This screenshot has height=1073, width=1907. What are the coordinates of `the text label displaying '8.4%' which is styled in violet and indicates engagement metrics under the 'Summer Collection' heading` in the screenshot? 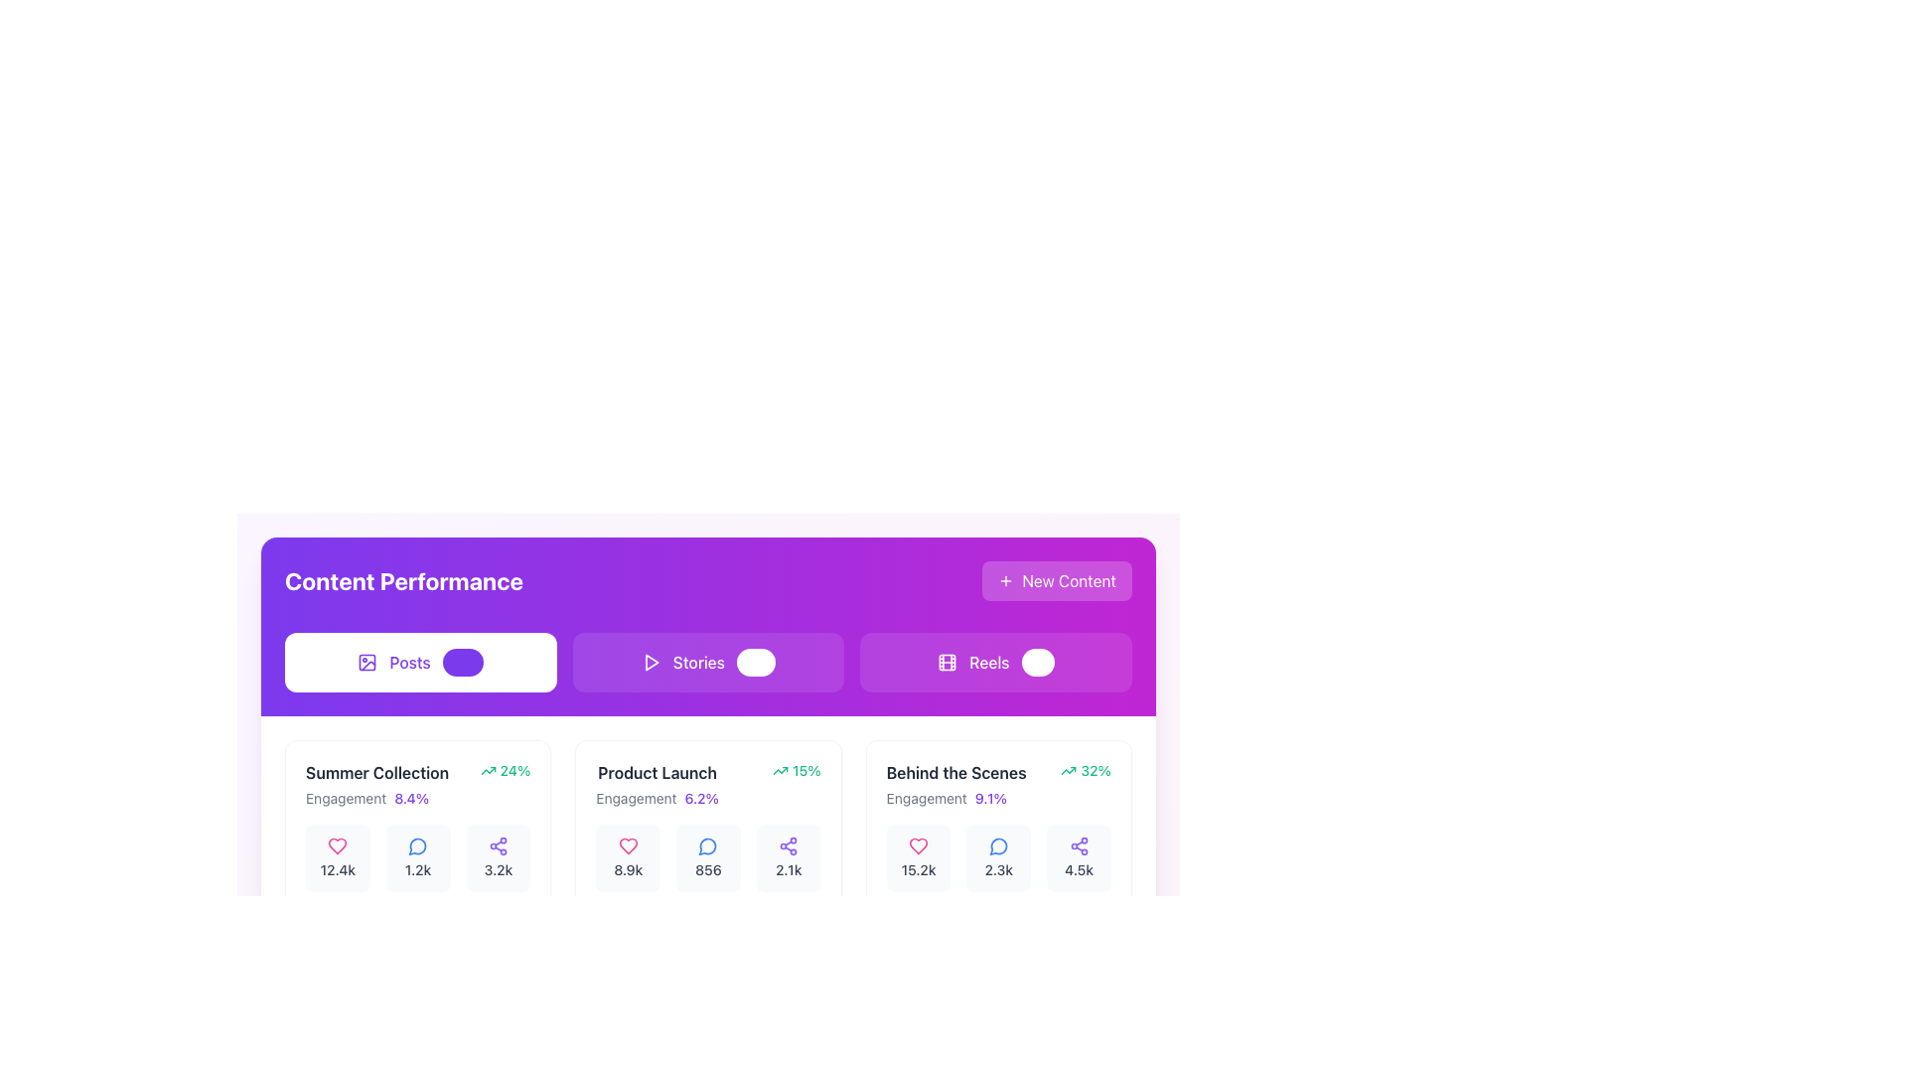 It's located at (410, 797).